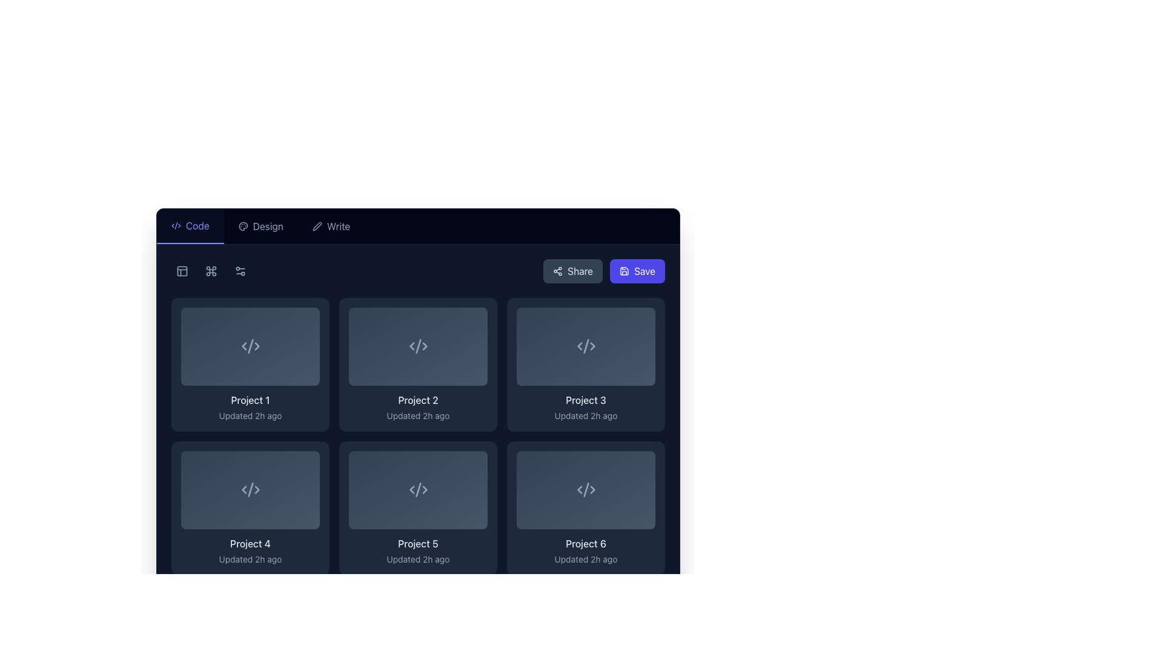  I want to click on the left-facing arrow icon, which is a Decorative SVG graphic composed of three line segments forming a chevron shape, located in the top row of the grid layout of project cards, so click(411, 346).